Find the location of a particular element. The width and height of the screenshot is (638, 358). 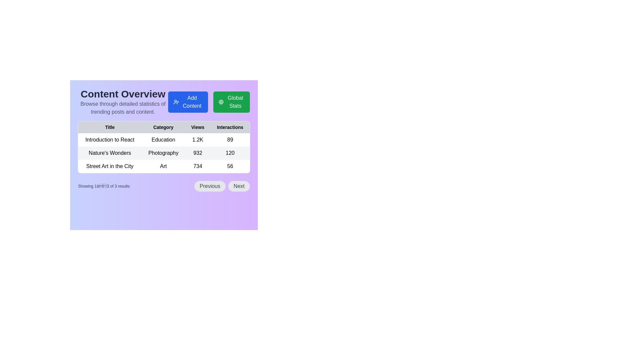

the second row of the data table in the 'Content Overview' section is located at coordinates (164, 151).